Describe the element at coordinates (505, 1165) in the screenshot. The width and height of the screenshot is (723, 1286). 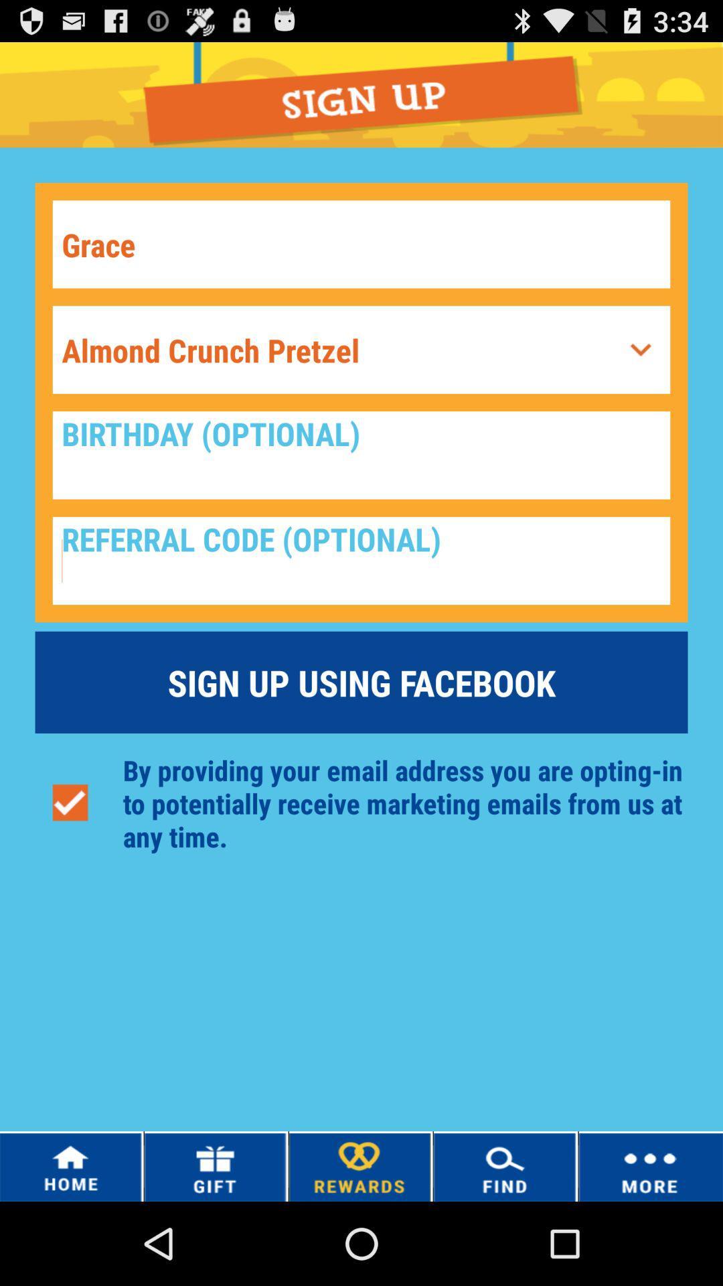
I see `find button` at that location.